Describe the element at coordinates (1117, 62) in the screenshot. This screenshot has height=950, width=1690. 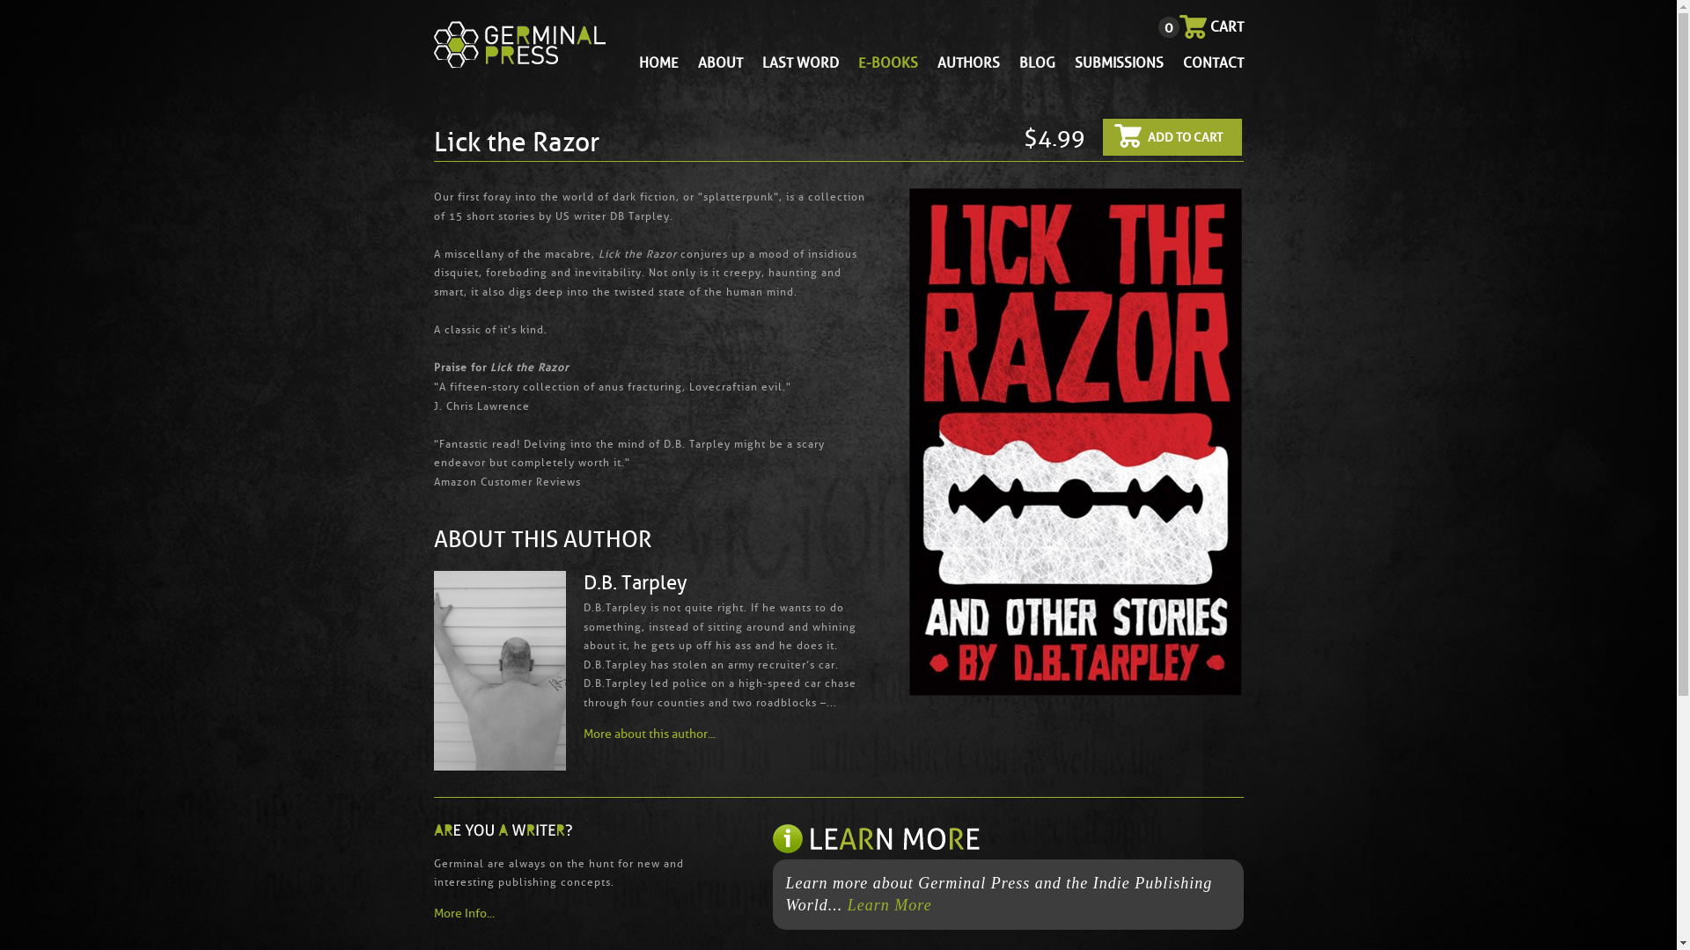
I see `'SUBMISSIONS'` at that location.